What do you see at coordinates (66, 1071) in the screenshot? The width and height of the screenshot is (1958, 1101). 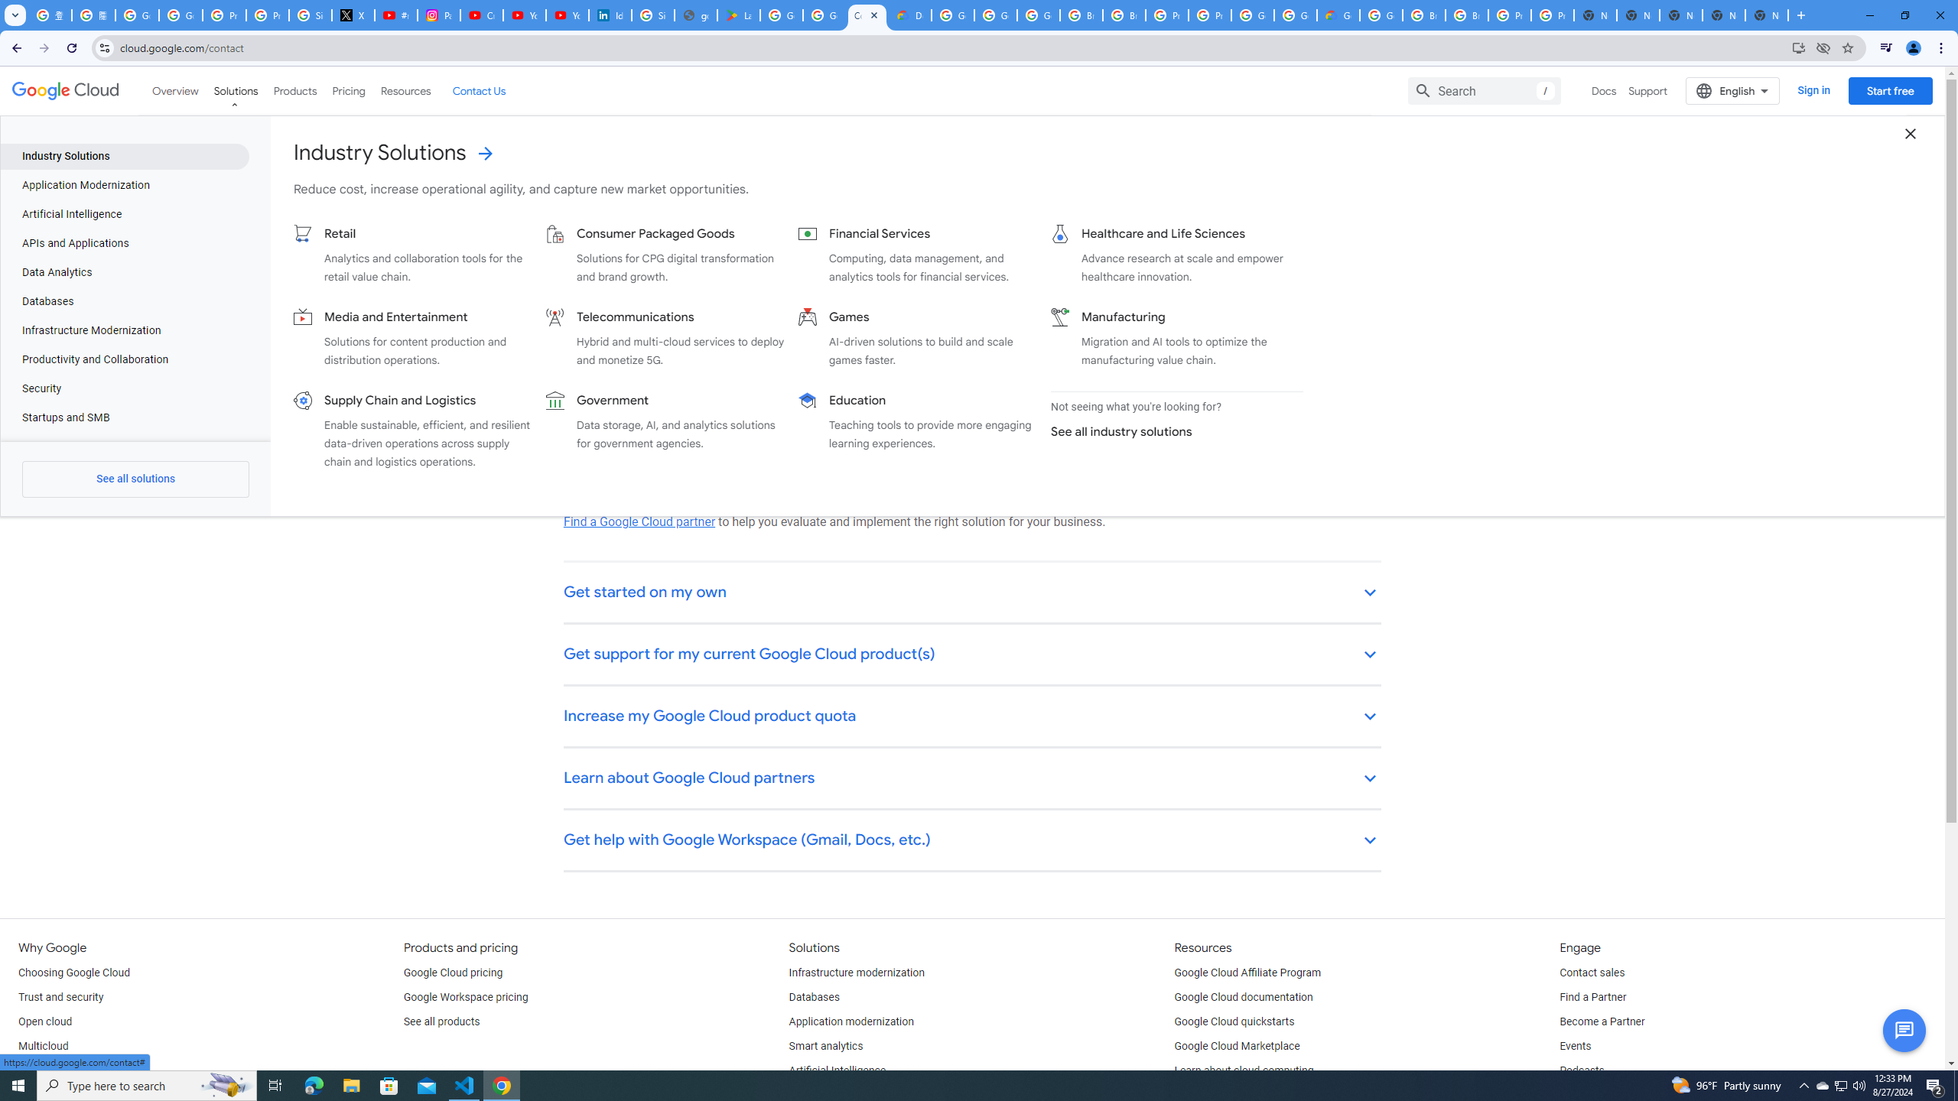 I see `'Global infrastructure'` at bounding box center [66, 1071].